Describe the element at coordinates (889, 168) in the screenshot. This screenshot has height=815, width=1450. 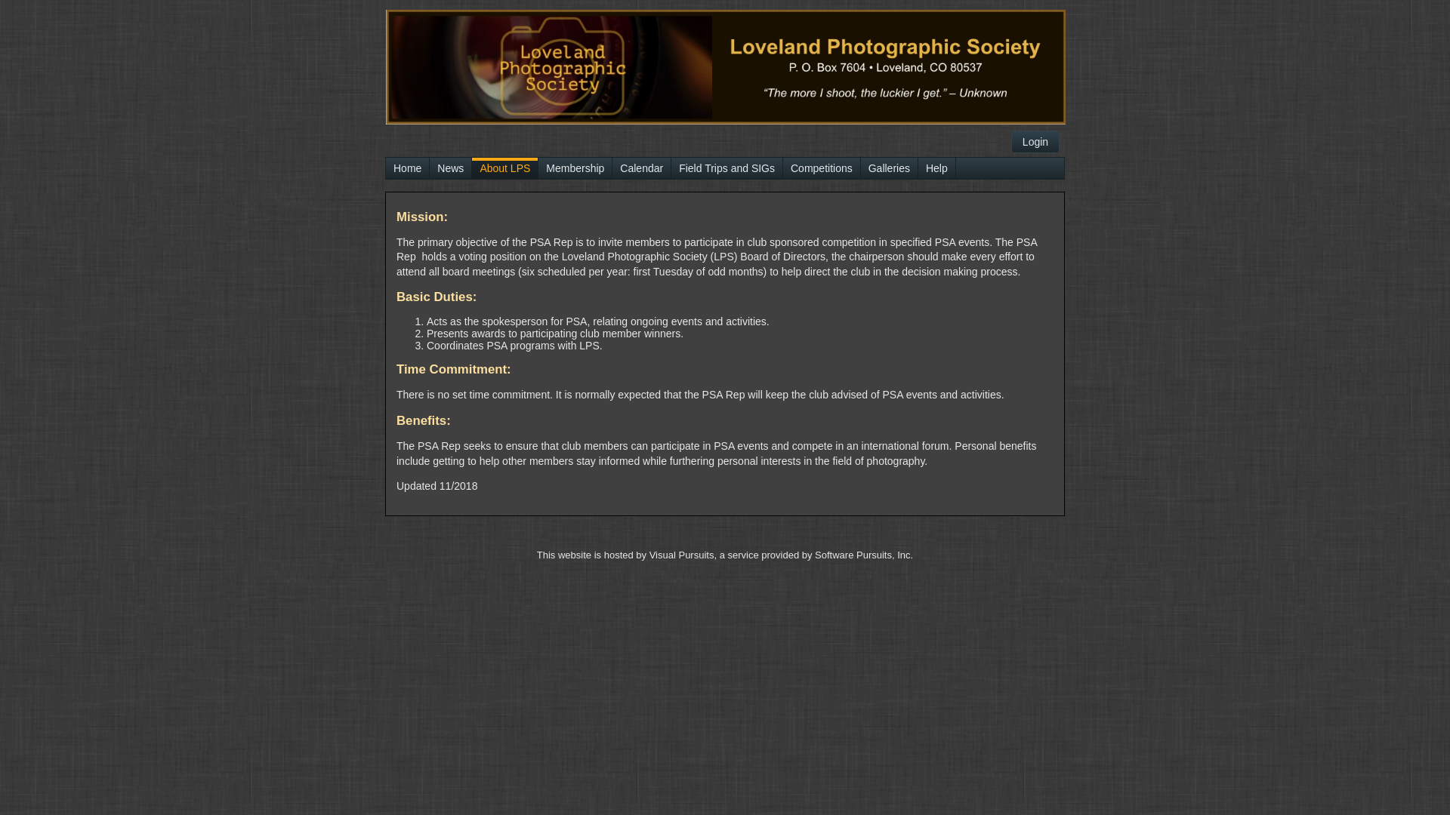
I see `'Galleries'` at that location.